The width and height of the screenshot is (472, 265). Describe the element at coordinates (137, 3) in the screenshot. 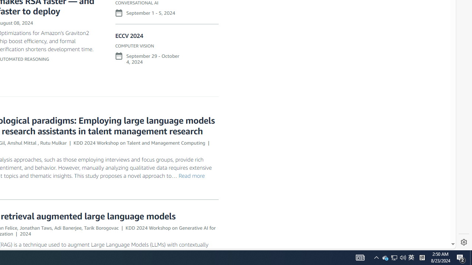

I see `'CONVERSATIONAL AI'` at that location.